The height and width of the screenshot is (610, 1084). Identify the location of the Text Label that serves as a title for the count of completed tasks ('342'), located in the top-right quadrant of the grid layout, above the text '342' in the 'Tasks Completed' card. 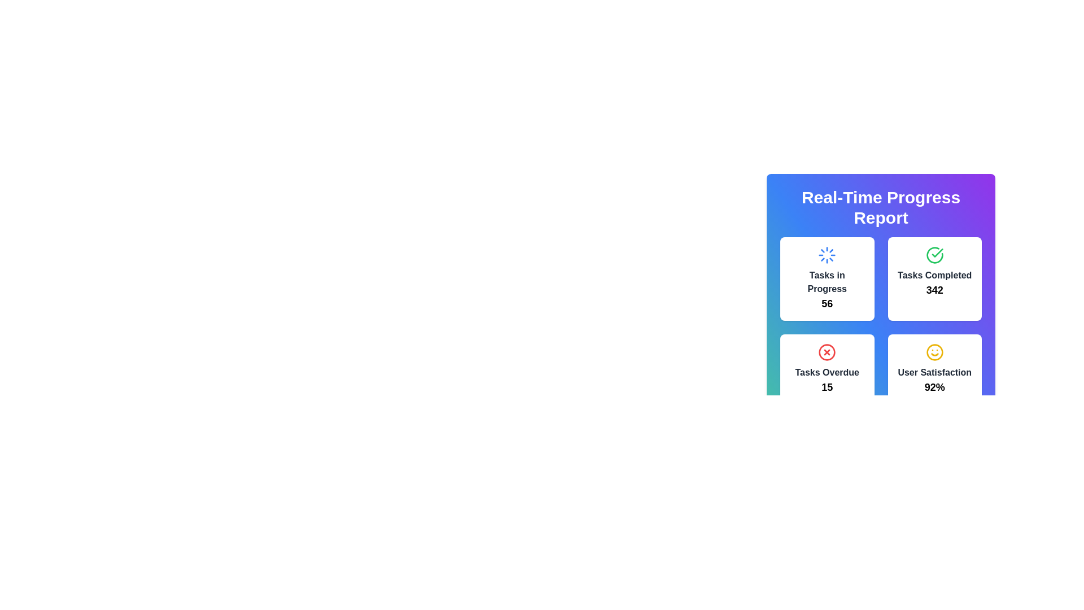
(934, 276).